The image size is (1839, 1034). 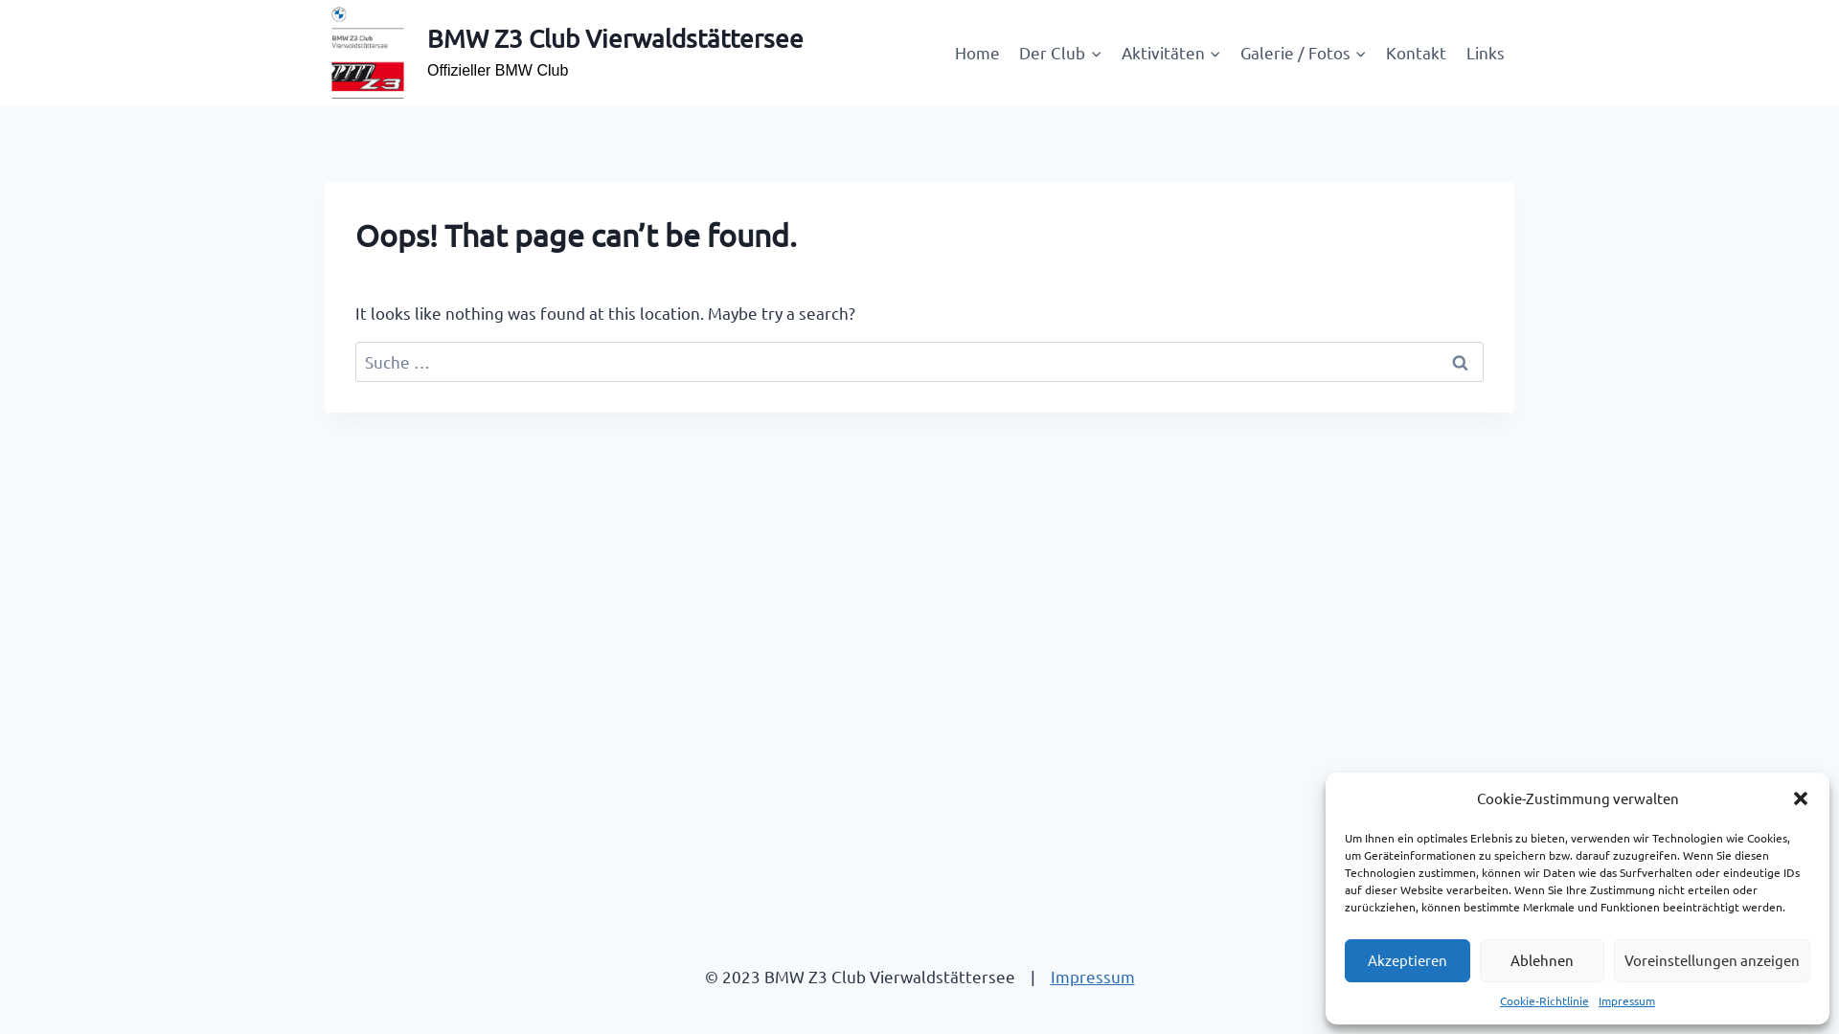 I want to click on 'Galerie / Fotos', so click(x=1231, y=51).